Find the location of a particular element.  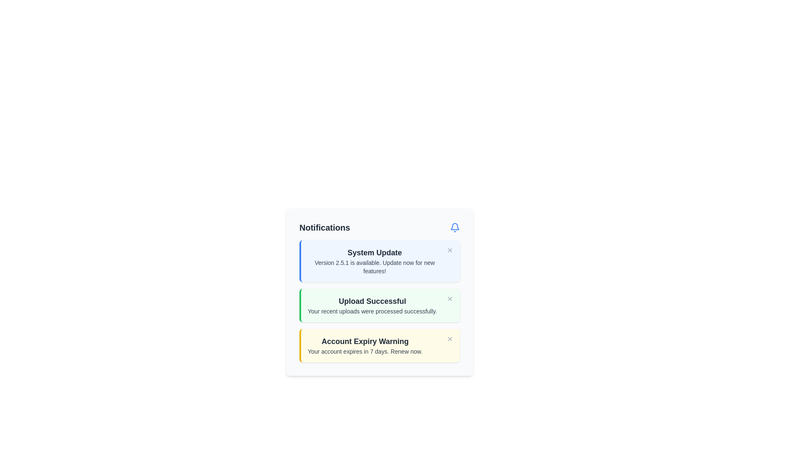

success message from the notification card displaying 'Upload Successful' with a light green background and a close icon in the top-right corner is located at coordinates (380, 305).